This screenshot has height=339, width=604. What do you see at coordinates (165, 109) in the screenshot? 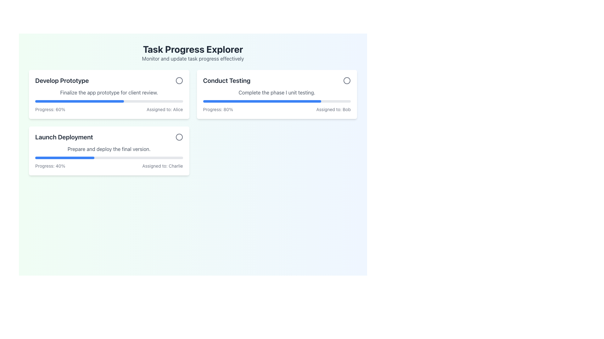
I see `task details associated with the Text Label indicating the person (Alice) assigned to the task in the bottom-right corner of the 'Develop Prototype' card` at bounding box center [165, 109].